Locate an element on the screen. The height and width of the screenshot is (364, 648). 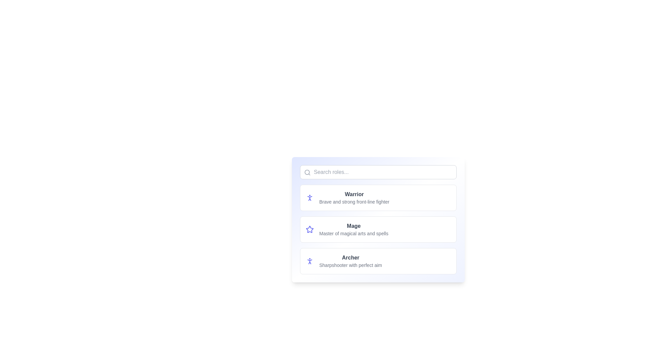
the selectable option describing the 'Warrior' role, which is the second item in the vertical list of selectable options is located at coordinates (354, 197).